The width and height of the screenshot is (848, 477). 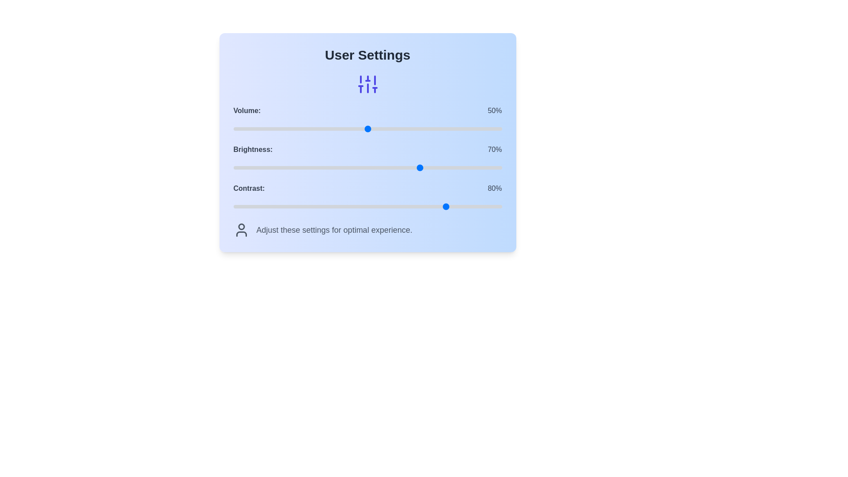 What do you see at coordinates (495, 188) in the screenshot?
I see `the static text element displaying the current contrast percentage, located on the right-hand side of the settings row, next to the 'Contrast:' label` at bounding box center [495, 188].